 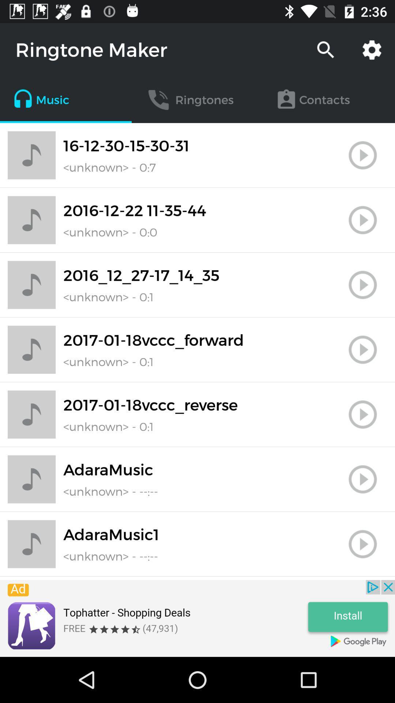 What do you see at coordinates (362, 544) in the screenshot?
I see `button` at bounding box center [362, 544].